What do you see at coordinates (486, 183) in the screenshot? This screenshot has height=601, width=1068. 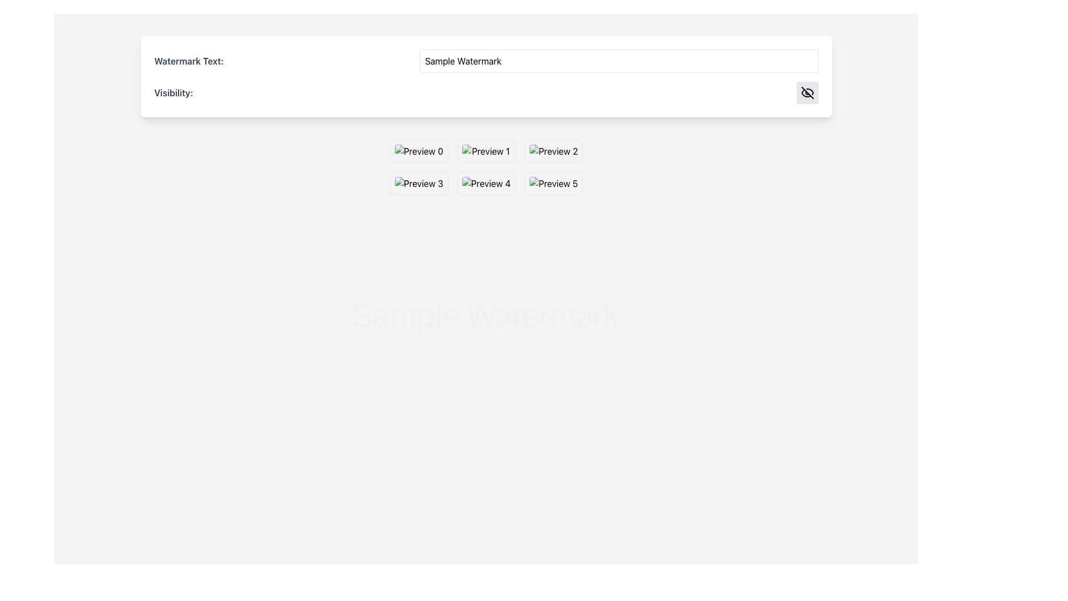 I see `the card labeled 'Preview 4', which is a rounded rectangular card with a bordered edge located in the second row and second column of a 3x2 grid` at bounding box center [486, 183].